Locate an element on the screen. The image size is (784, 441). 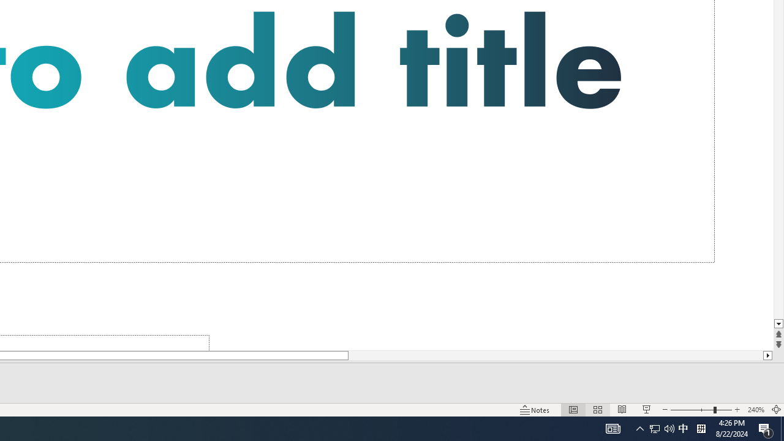
'Normal' is located at coordinates (573, 410).